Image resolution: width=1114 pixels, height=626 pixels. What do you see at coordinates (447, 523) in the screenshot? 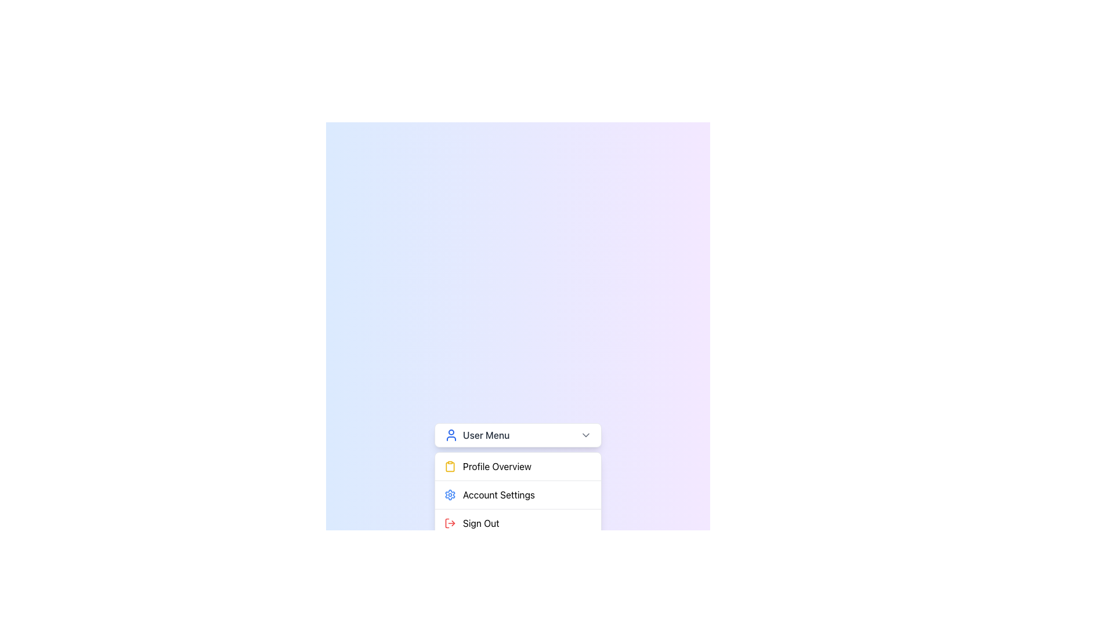
I see `the vertical stroke of the 'Sign Out' SVG icon located next to the red-highlighted 'Sign Out' text in the dropdown list` at bounding box center [447, 523].